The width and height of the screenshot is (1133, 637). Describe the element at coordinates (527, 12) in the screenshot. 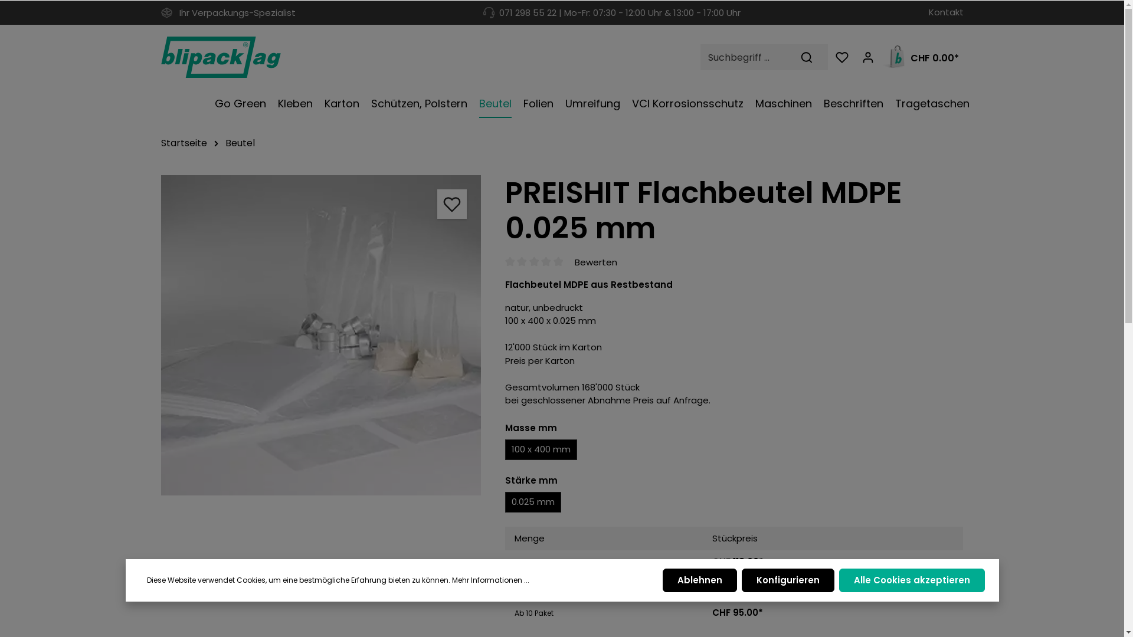

I see `'071 298 55 22'` at that location.